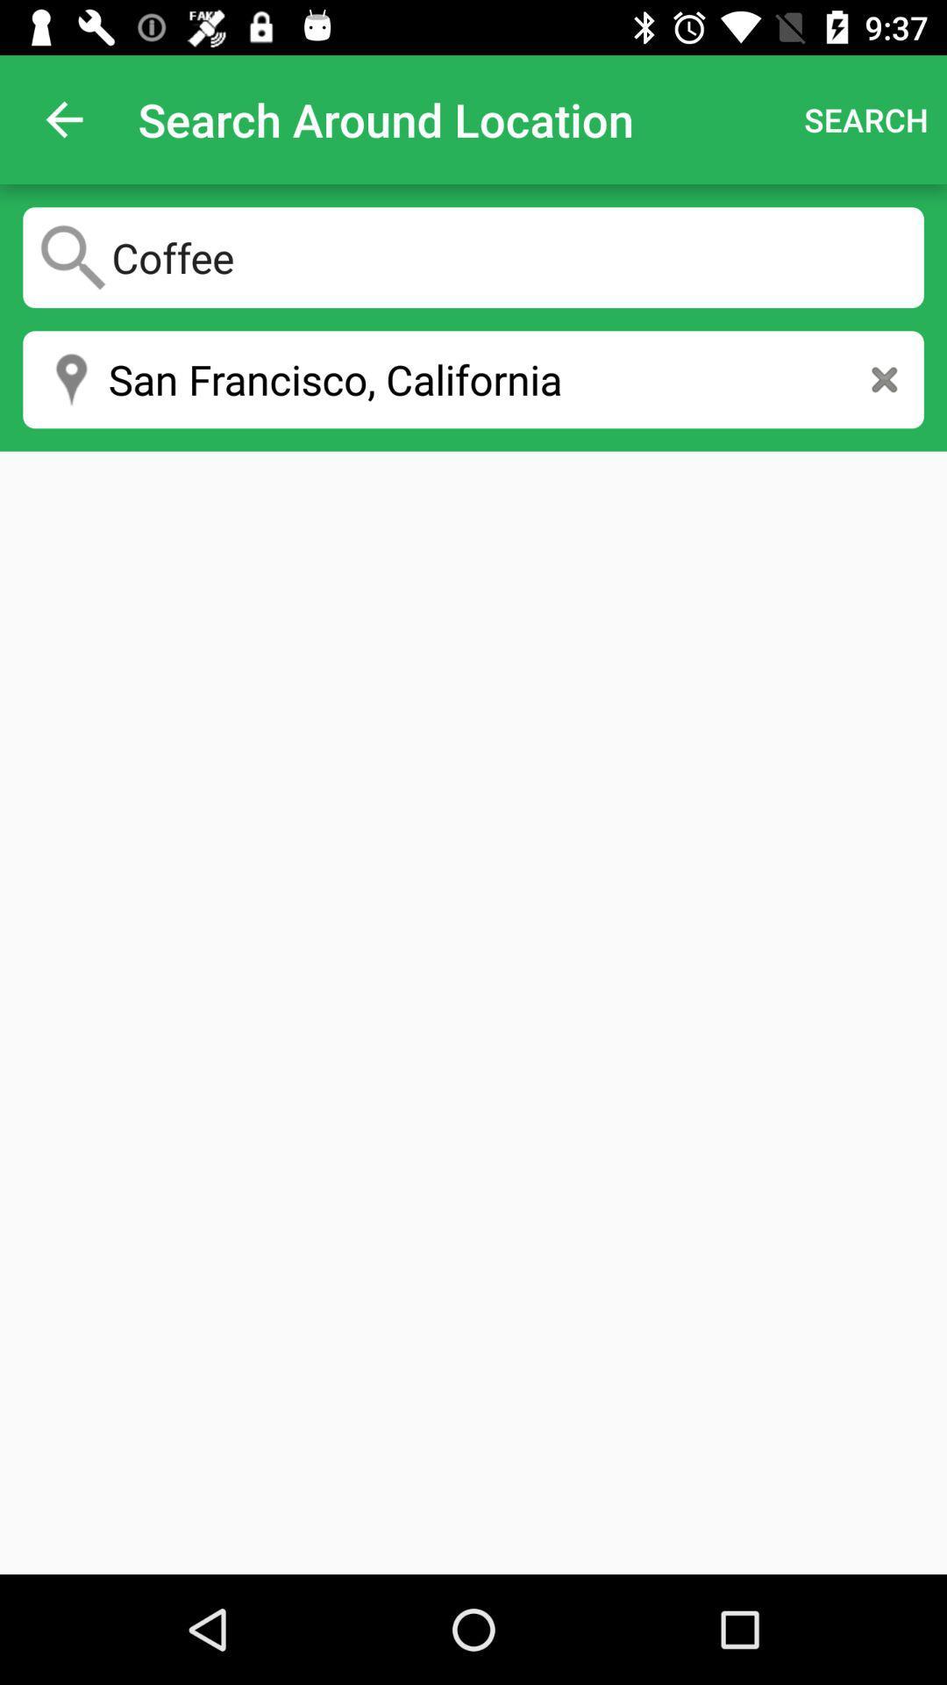  I want to click on the item above coffee item, so click(63, 118).